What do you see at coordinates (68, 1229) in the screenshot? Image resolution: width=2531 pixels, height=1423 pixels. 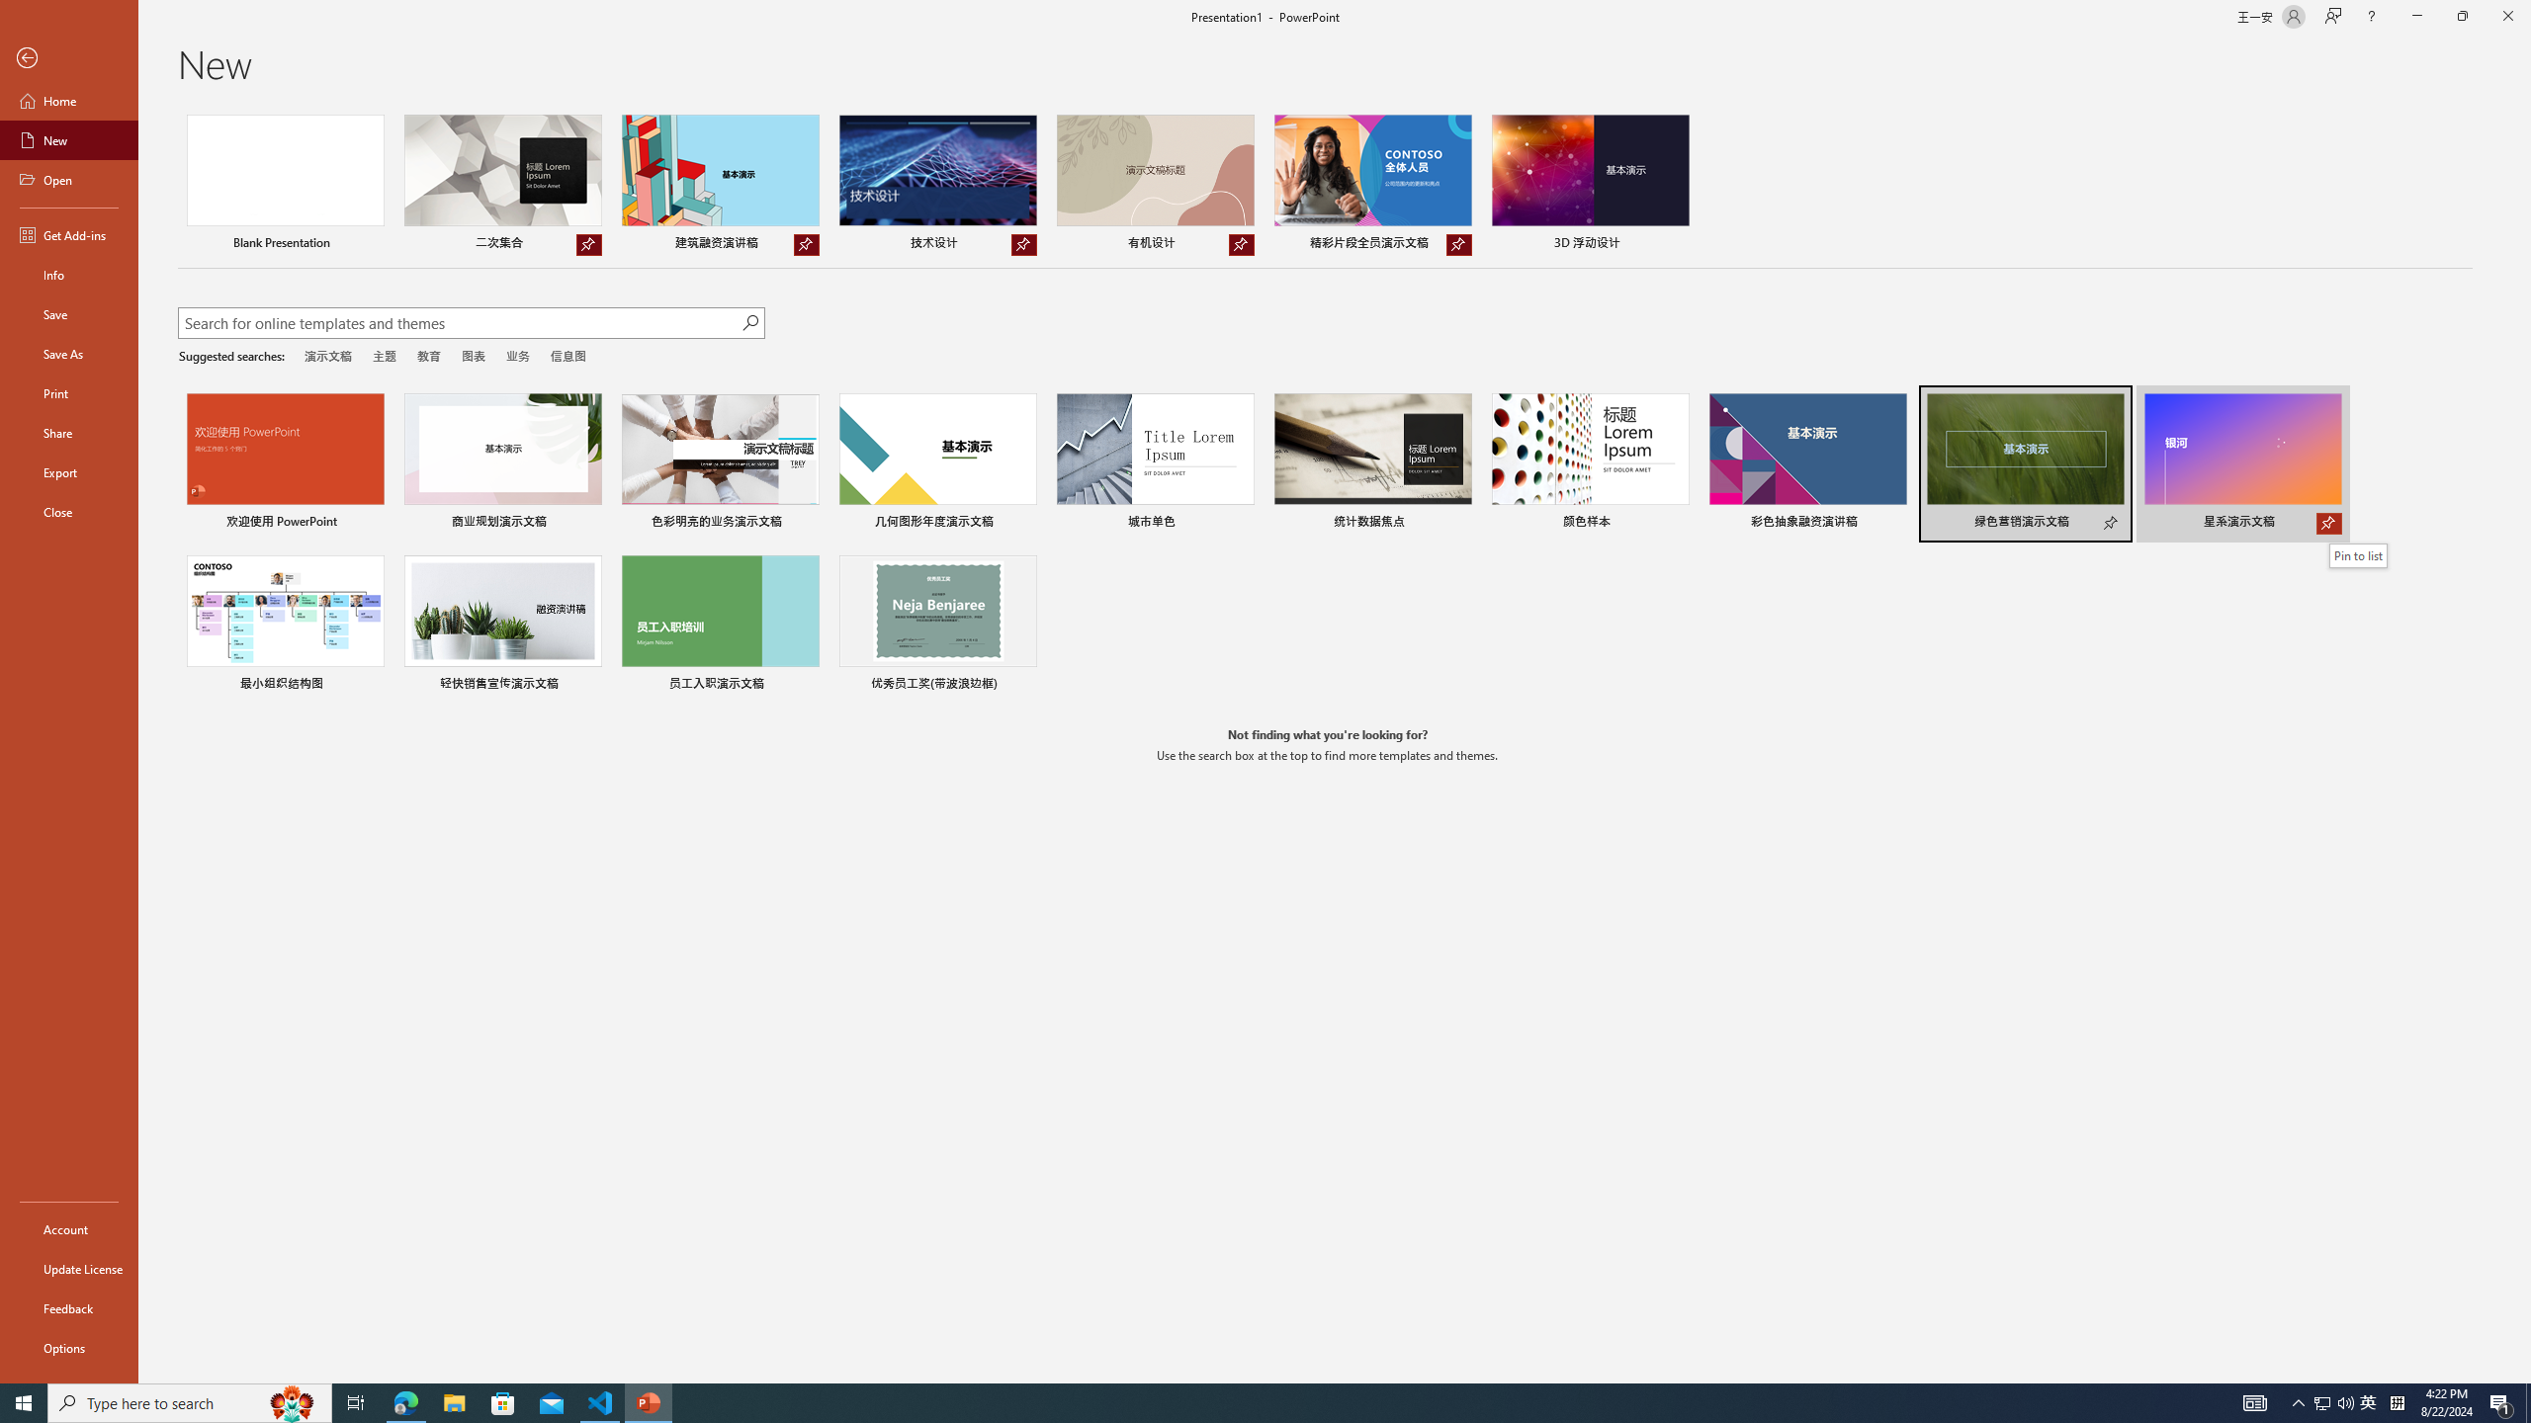 I see `'Account'` at bounding box center [68, 1229].